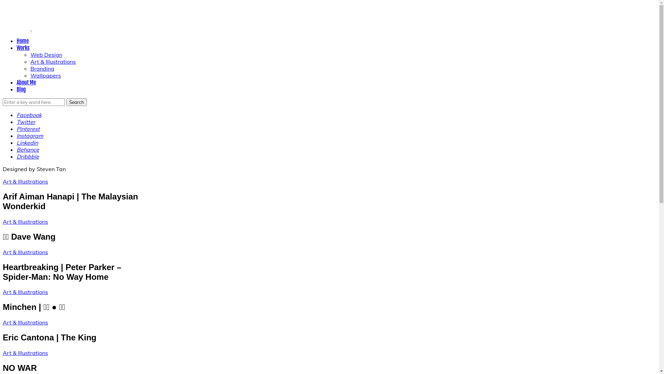 The height and width of the screenshot is (374, 664). Describe the element at coordinates (27, 142) in the screenshot. I see `'Linkedin'` at that location.